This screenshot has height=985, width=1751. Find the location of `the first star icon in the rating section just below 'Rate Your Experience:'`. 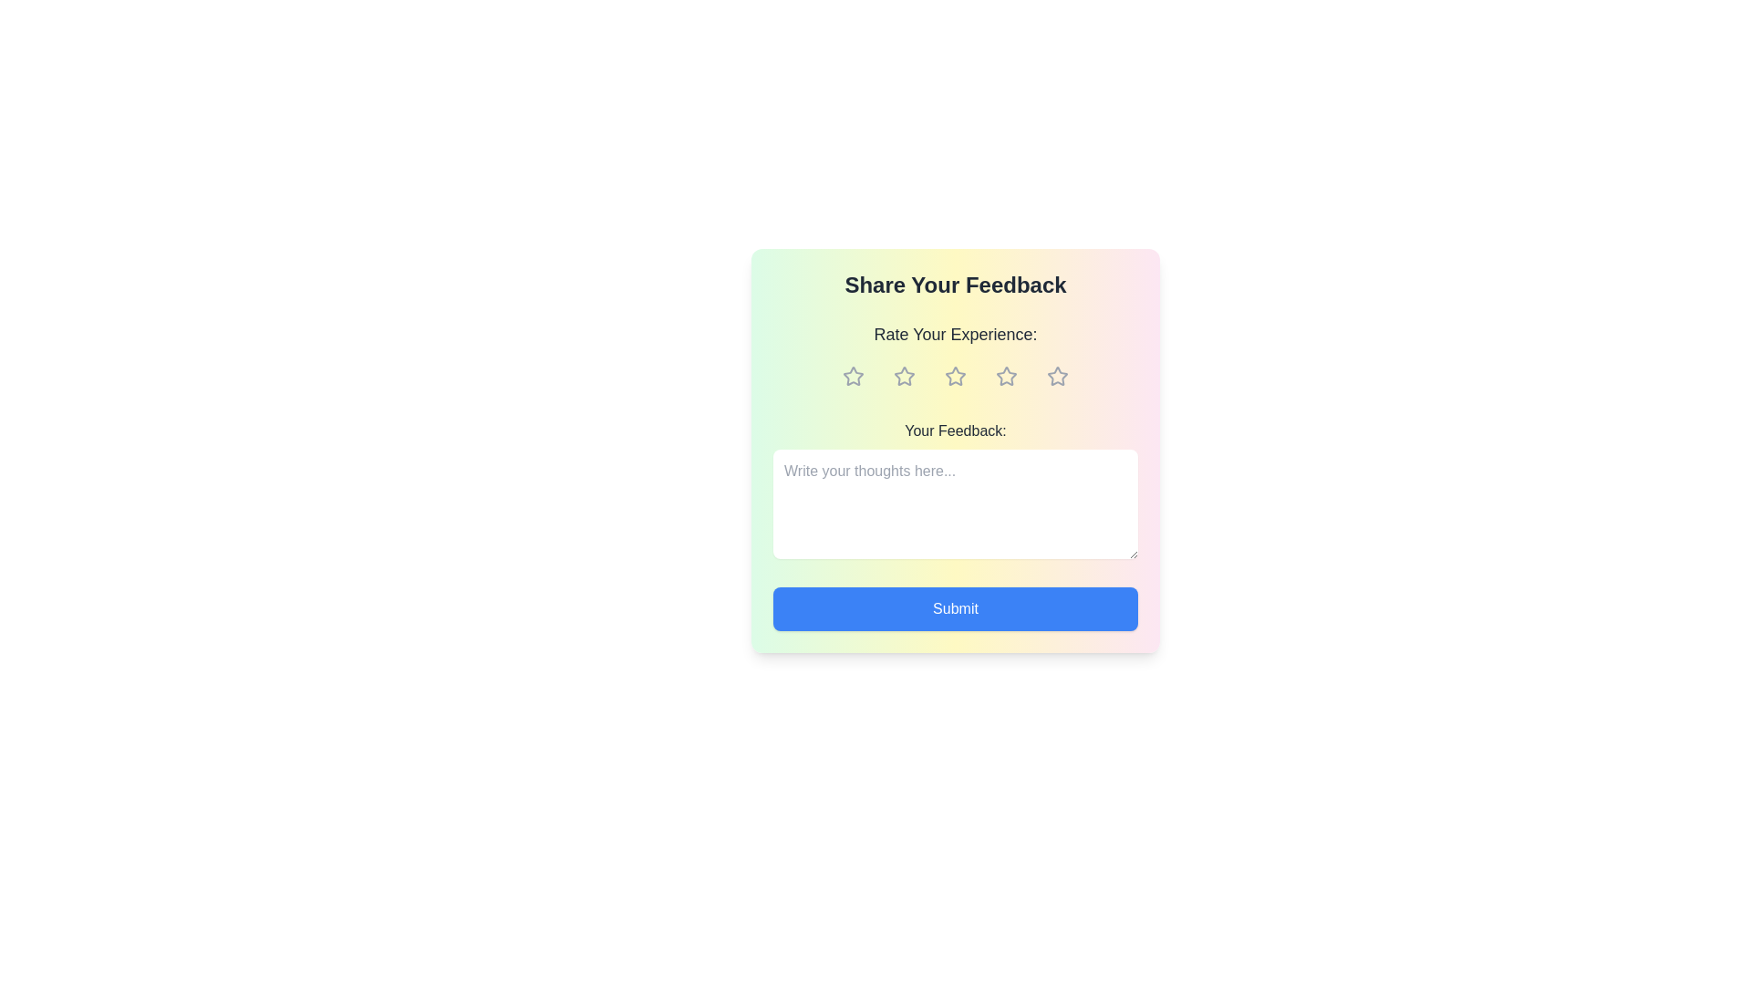

the first star icon in the rating section just below 'Rate Your Experience:' is located at coordinates (853, 375).